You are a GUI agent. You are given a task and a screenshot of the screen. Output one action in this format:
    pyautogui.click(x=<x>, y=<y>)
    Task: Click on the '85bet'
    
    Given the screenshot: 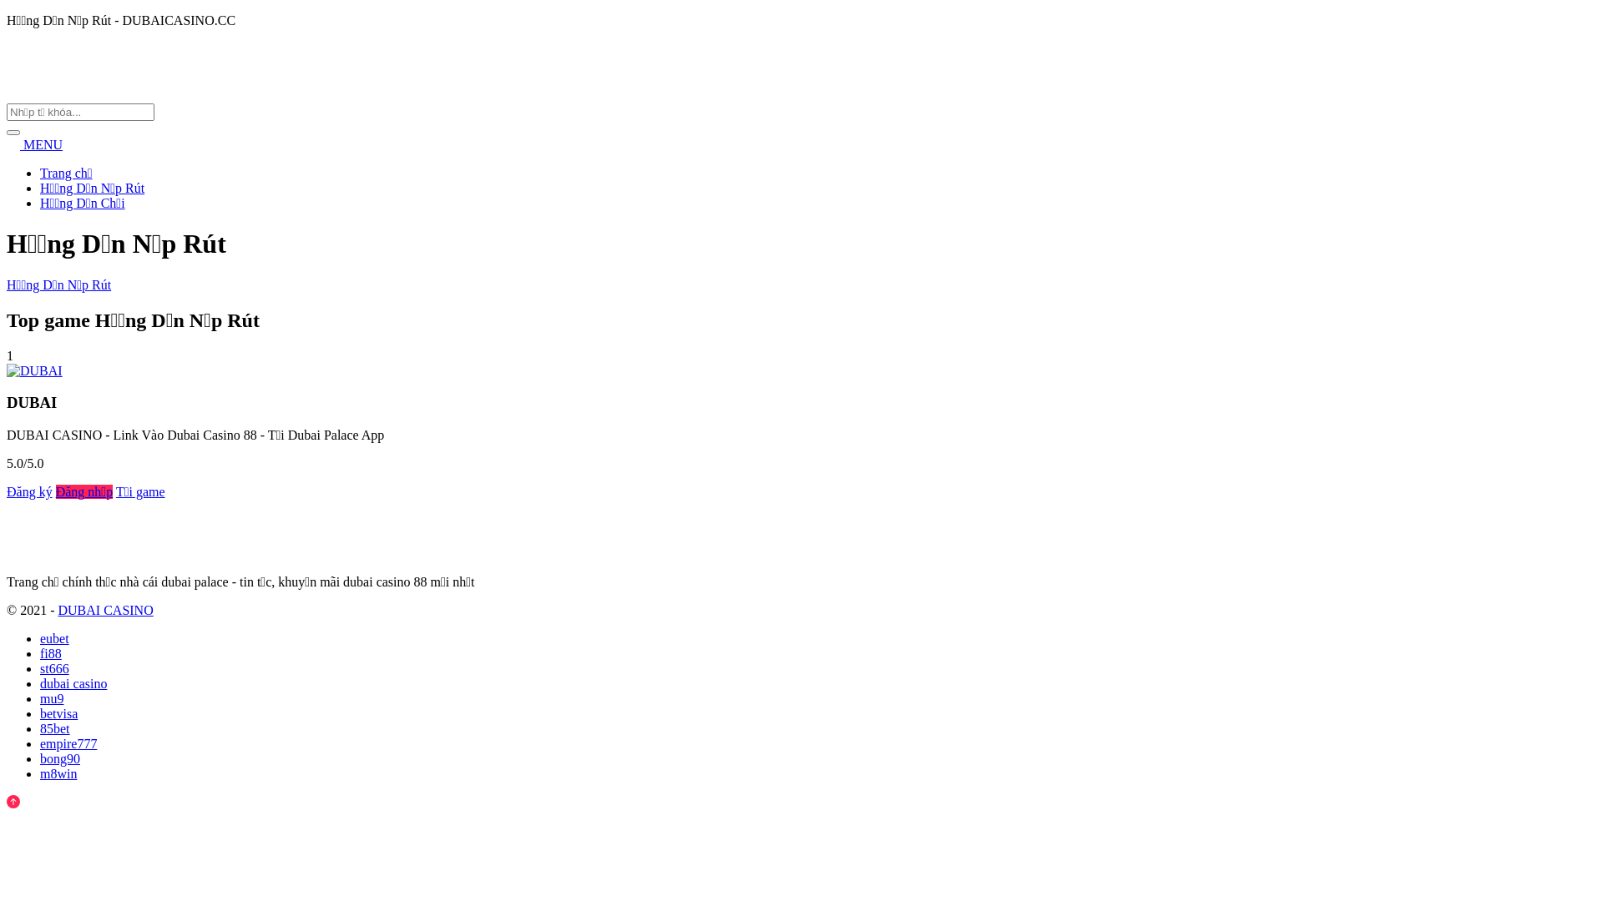 What is the action you would take?
    pyautogui.click(x=55, y=727)
    